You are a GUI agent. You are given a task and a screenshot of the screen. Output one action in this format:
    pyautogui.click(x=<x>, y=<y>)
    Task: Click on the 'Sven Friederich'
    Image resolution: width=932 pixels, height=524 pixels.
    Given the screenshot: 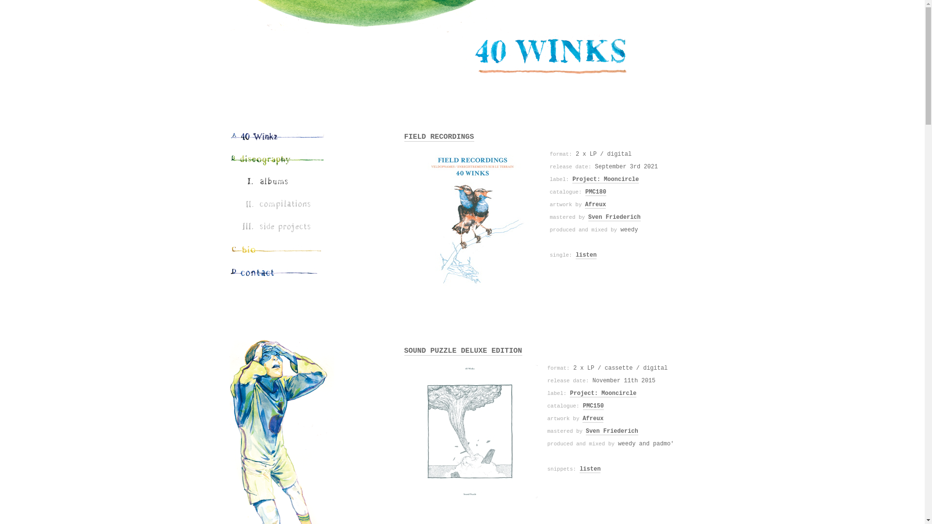 What is the action you would take?
    pyautogui.click(x=585, y=431)
    